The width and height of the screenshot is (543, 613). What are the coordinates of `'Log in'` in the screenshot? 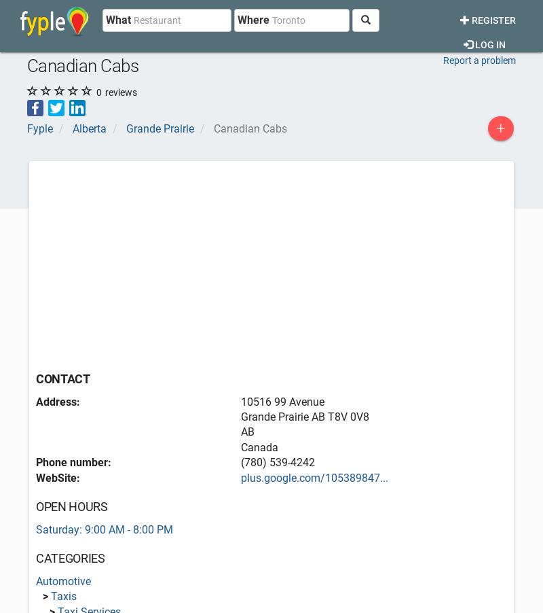 It's located at (472, 44).